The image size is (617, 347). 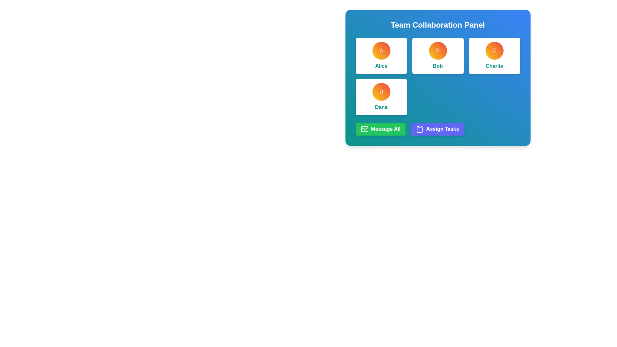 What do you see at coordinates (437, 66) in the screenshot?
I see `the text label displaying the name 'Bob'` at bounding box center [437, 66].